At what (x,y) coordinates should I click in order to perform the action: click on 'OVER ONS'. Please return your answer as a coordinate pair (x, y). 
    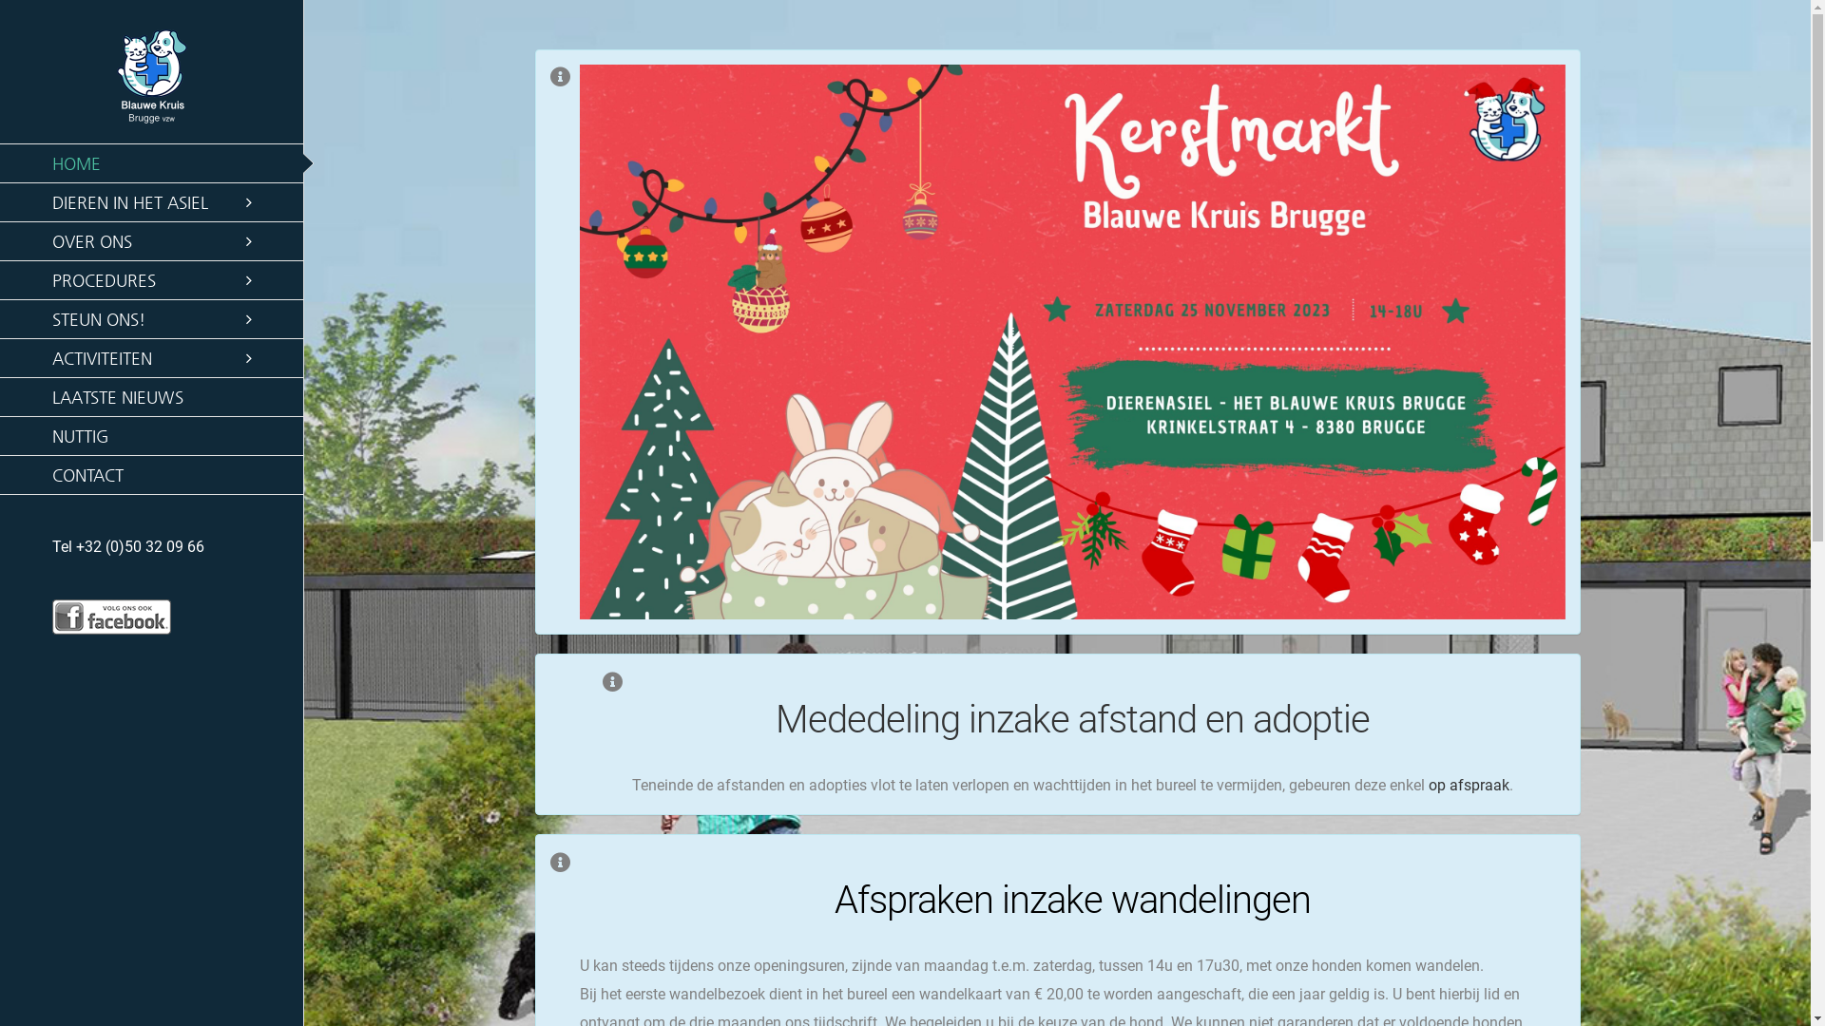
    Looking at the image, I should click on (150, 240).